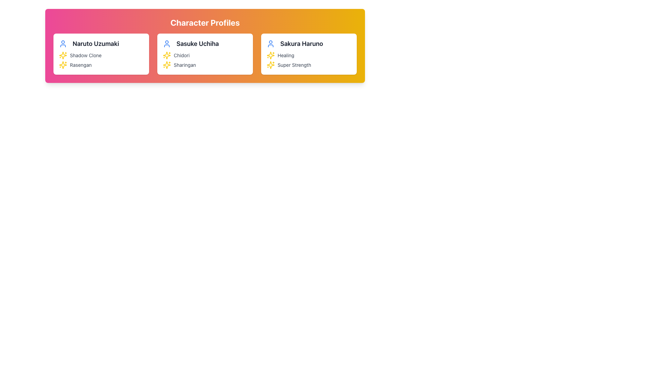 This screenshot has height=370, width=658. What do you see at coordinates (101, 60) in the screenshot?
I see `the static list item displaying 'Shadow Clone' and 'Rasengan' skills, which are accompanied by yellow star-like icons, located in the lower portion of the 'Naruto Uzumaki' card` at bounding box center [101, 60].